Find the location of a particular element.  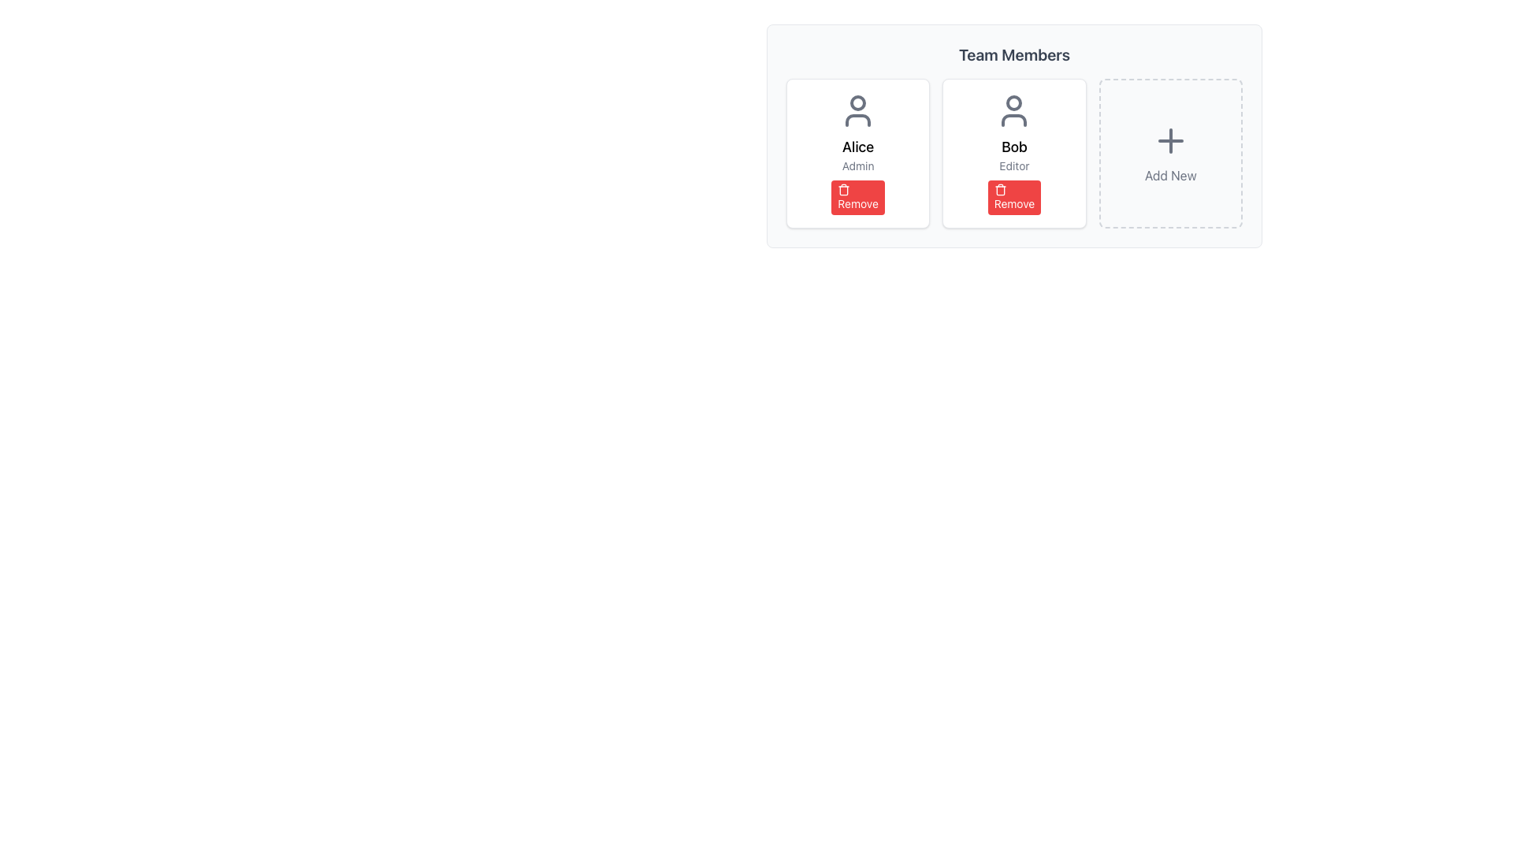

the graphical icon representing the user profile of 'Alice' in the first card of the 'Team Members' section is located at coordinates (857, 110).